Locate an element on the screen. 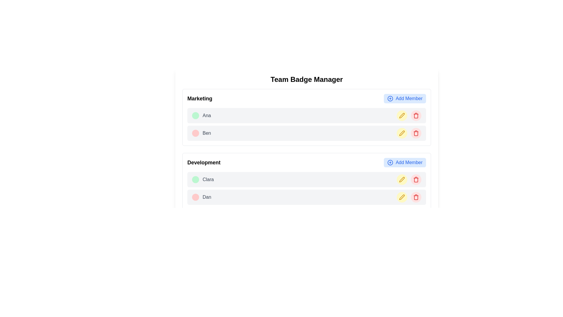  the graphical icon located towards the left of the 'Ana' text in the 'Marketing' section of the badge for its visual information is located at coordinates (199, 117).